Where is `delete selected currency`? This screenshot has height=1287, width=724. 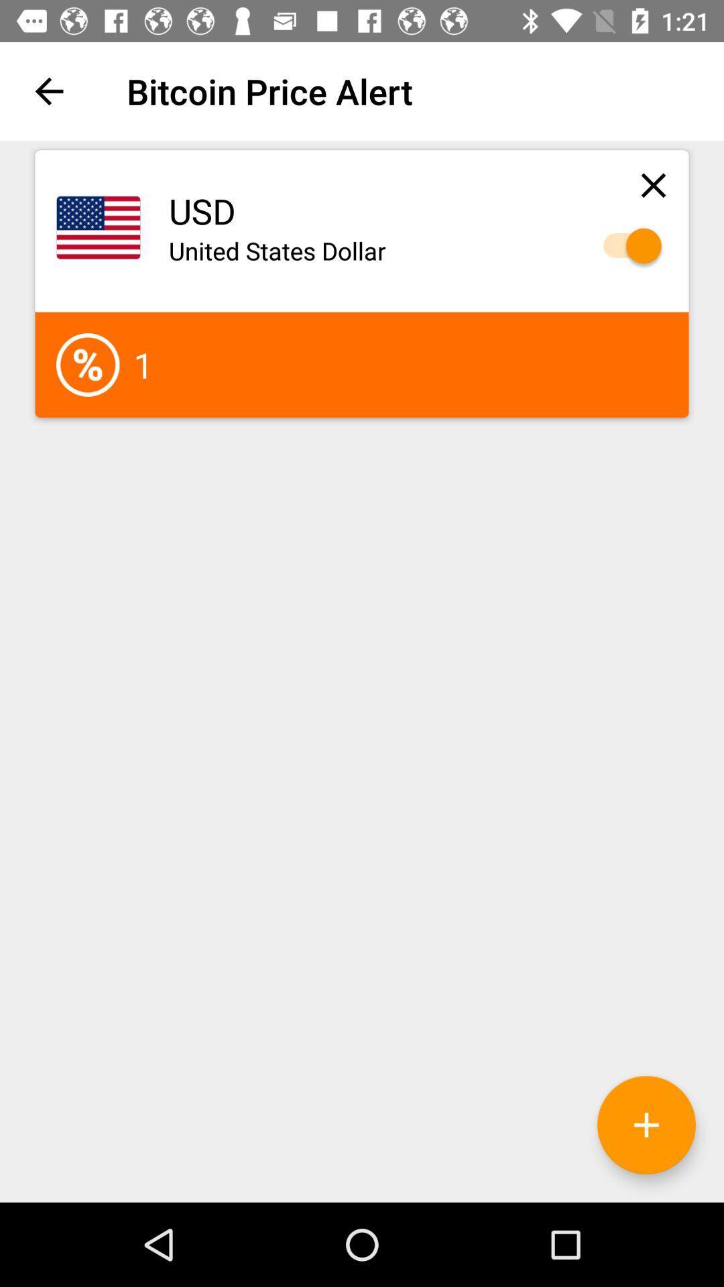
delete selected currency is located at coordinates (653, 184).